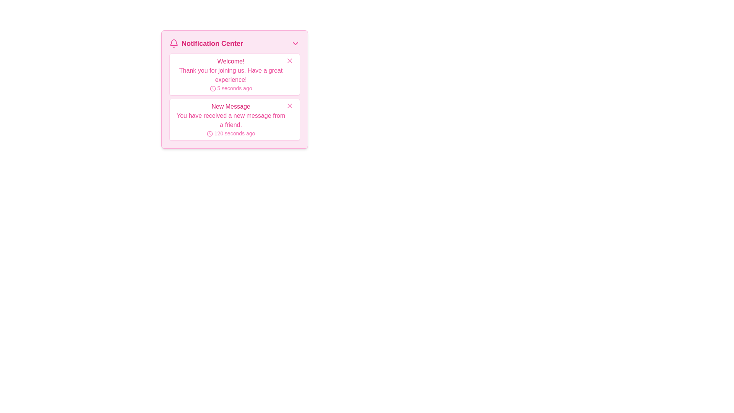 The width and height of the screenshot is (734, 413). Describe the element at coordinates (289, 60) in the screenshot. I see `the close button located in the top right corner of the 'Welcome!' notification message` at that location.